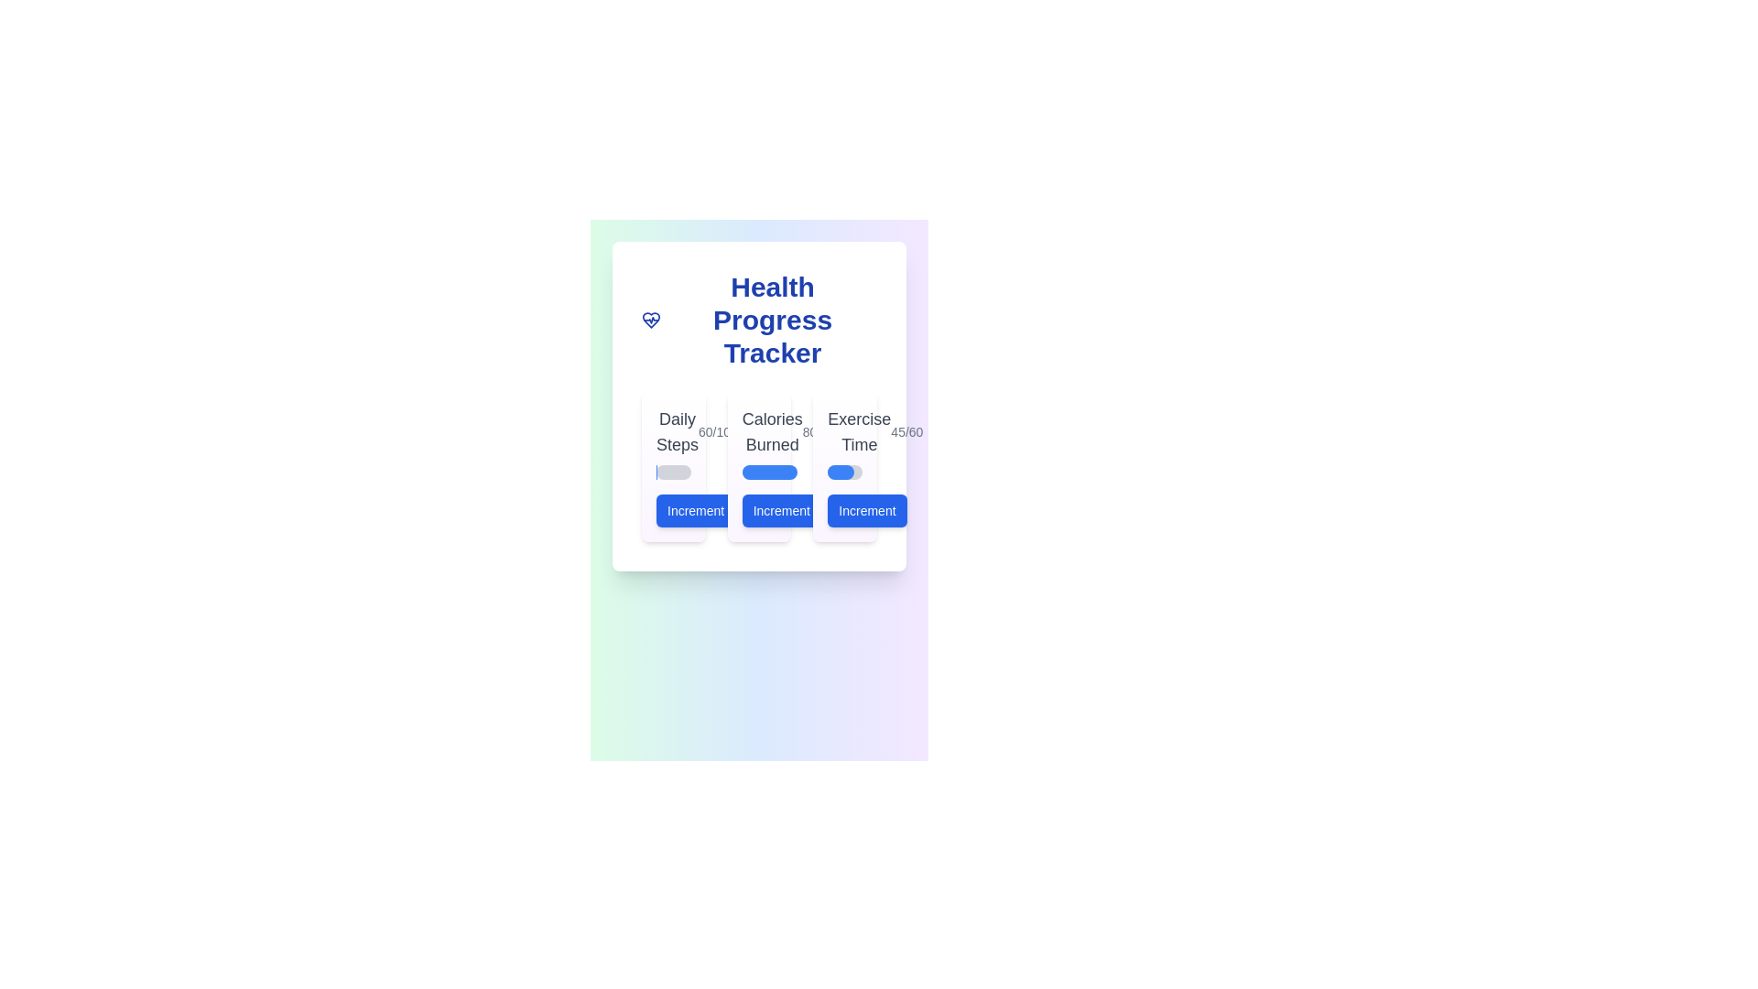 The image size is (1758, 989). I want to click on the progress indicator segment of the 'Calories Burned' metric, which is located in the second segment of the progress bar grid, so click(769, 472).